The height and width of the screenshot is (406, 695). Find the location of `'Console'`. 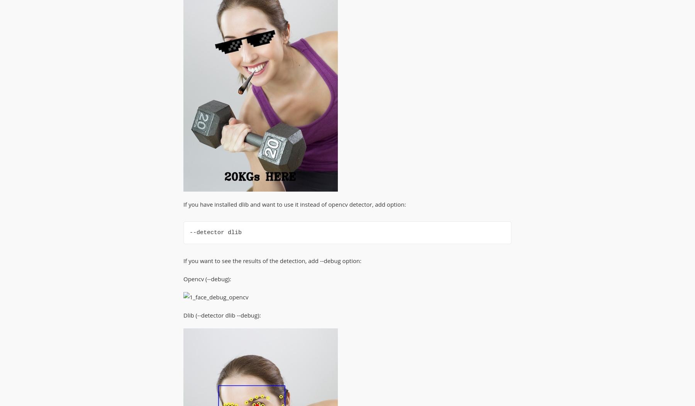

'Console' is located at coordinates (195, 35).